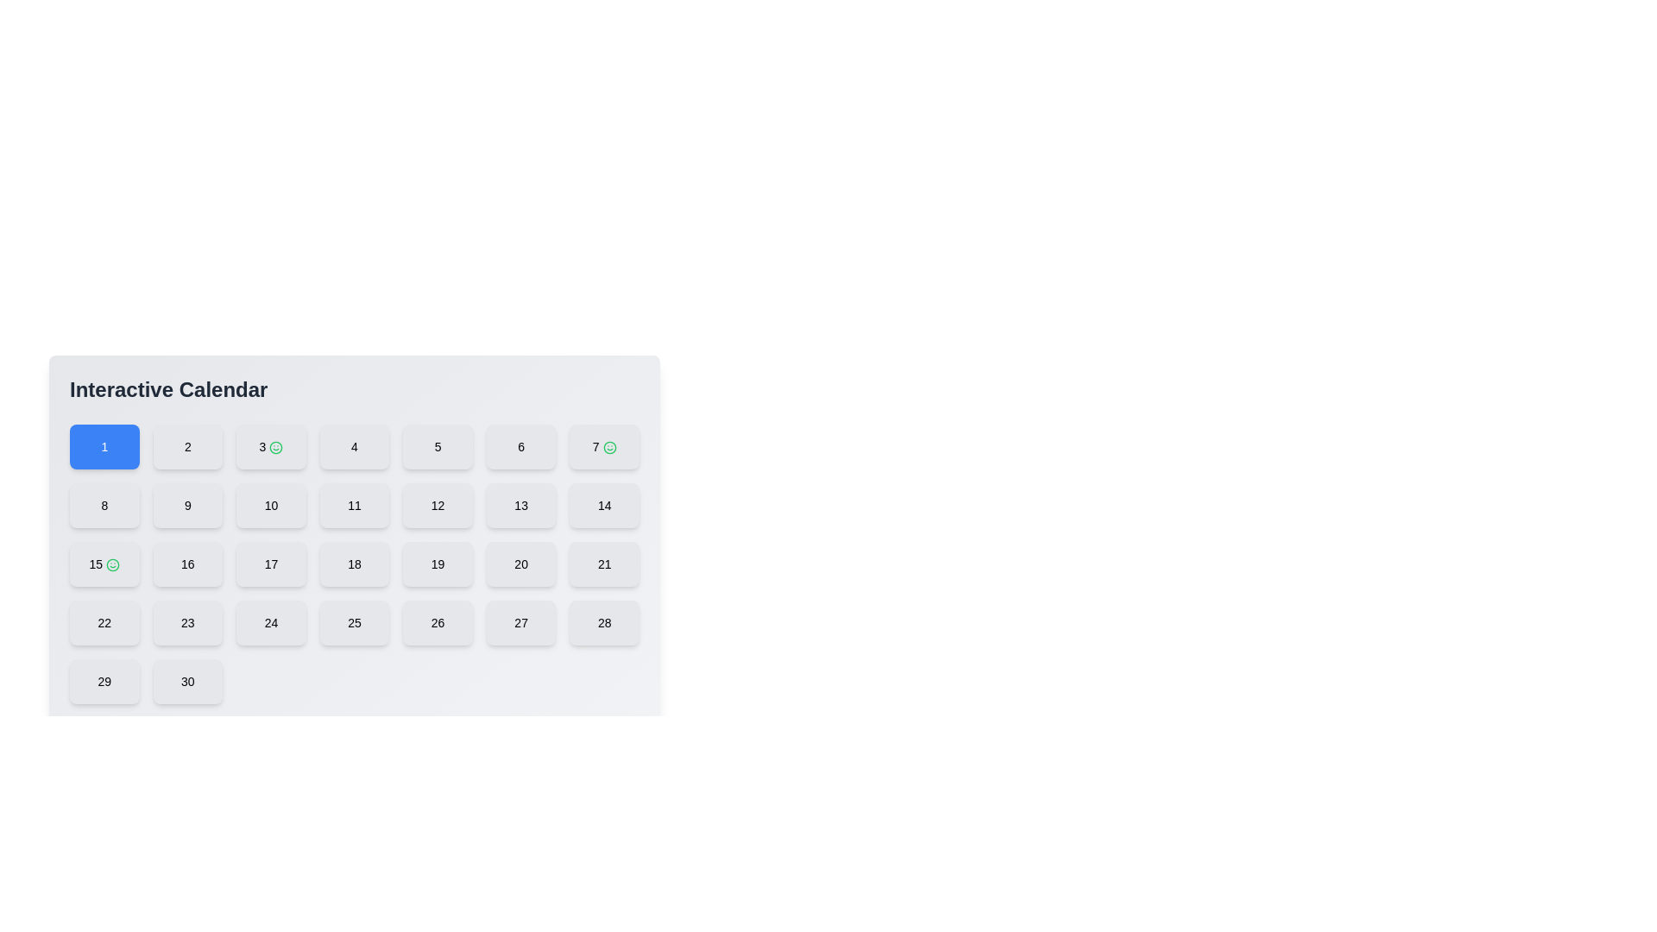 Image resolution: width=1657 pixels, height=932 pixels. I want to click on the clickable button representing the 23rd day in the calendar, so click(187, 622).